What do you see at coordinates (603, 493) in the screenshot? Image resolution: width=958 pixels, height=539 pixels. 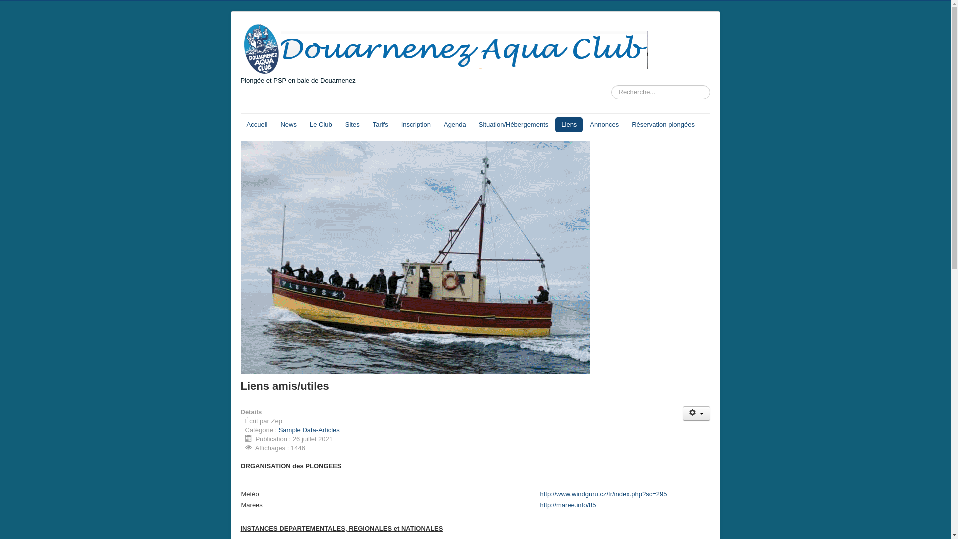 I see `'http://www.windguru.cz/fr/index.php?sc=295'` at bounding box center [603, 493].